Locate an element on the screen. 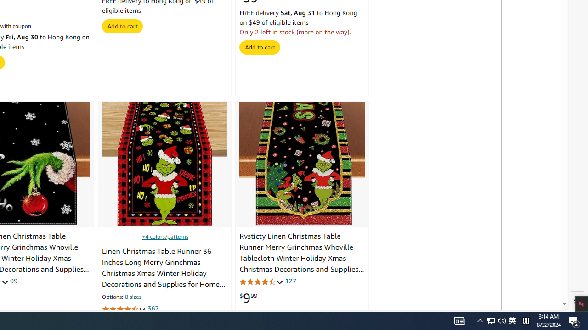 The height and width of the screenshot is (330, 588). '8 sizes' is located at coordinates (132, 297).